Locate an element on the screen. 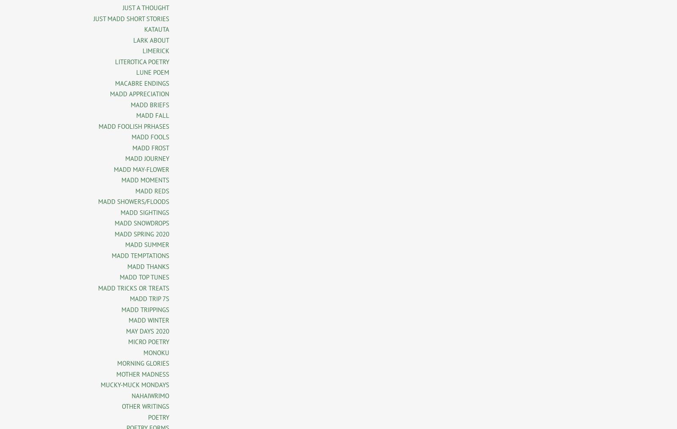  'MADD TRIPPINGS' is located at coordinates (145, 309).